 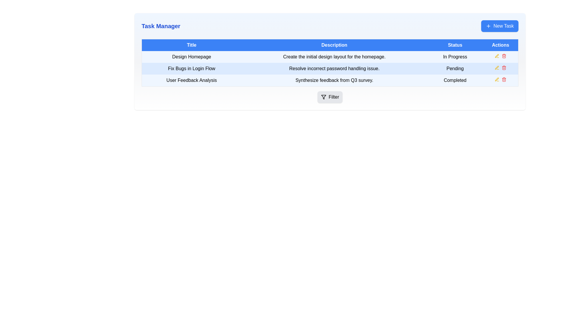 I want to click on the 'Title' text component displayed in white font against a blue rectangular background, located in the header row of the table, to the left of 'Description', so click(x=192, y=45).